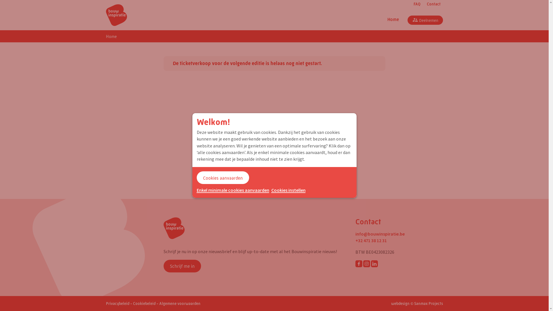 This screenshot has height=311, width=553. I want to click on 'Home', so click(392, 20).